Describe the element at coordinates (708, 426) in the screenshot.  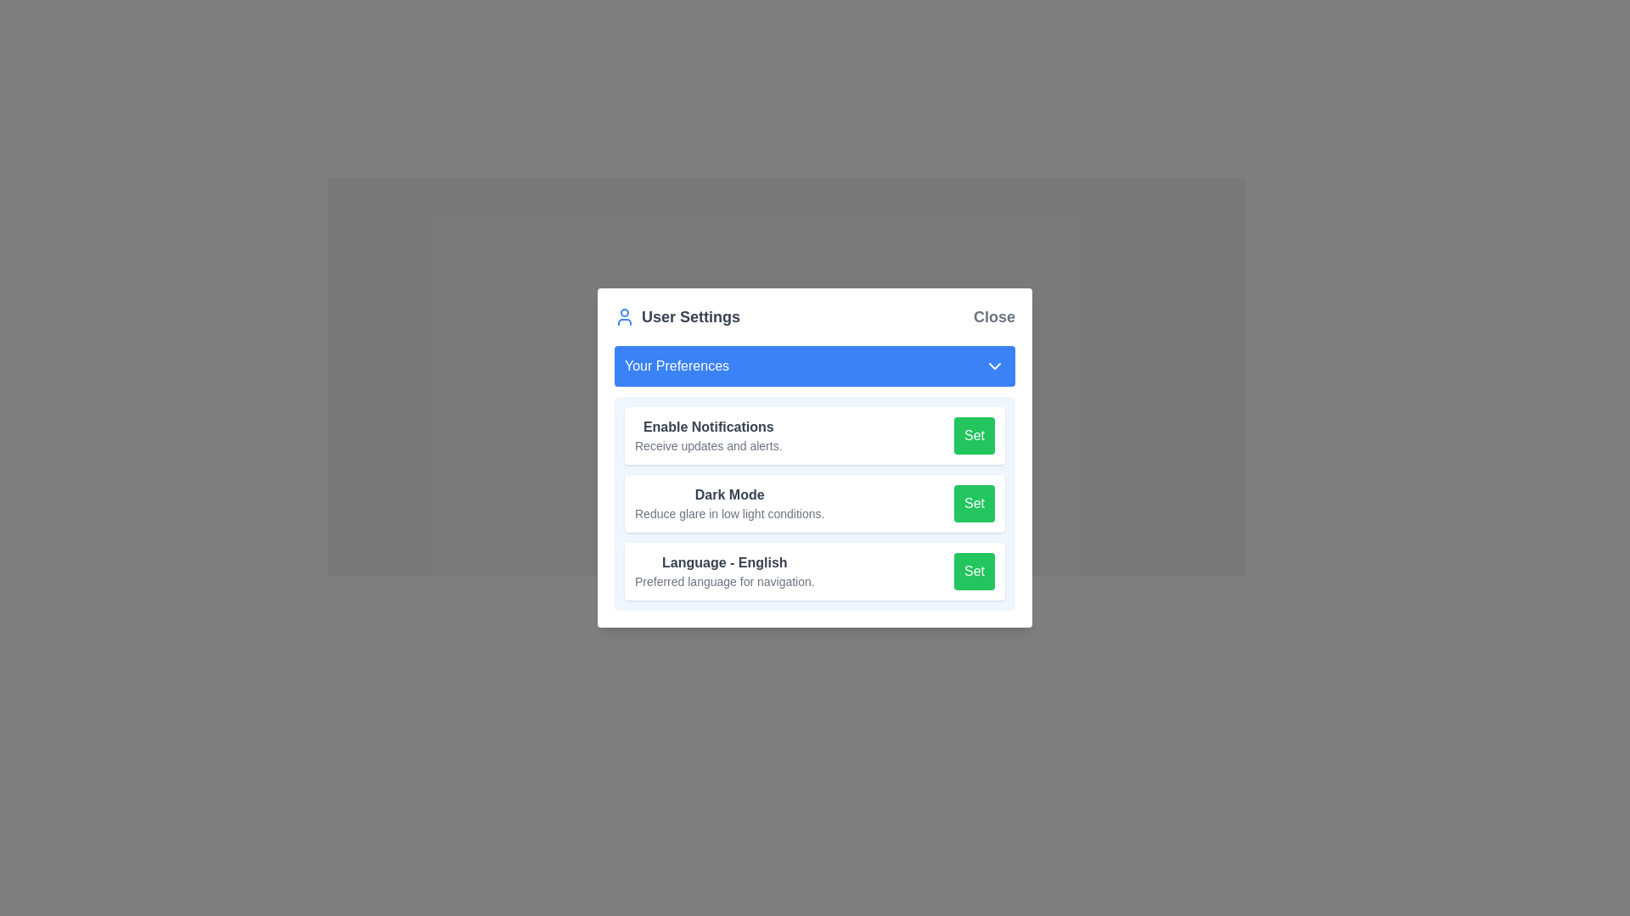
I see `the 'Enable Notifications' label, which is styled in bold dark gray text within the 'Your Preferences' section of the settings interface` at that location.